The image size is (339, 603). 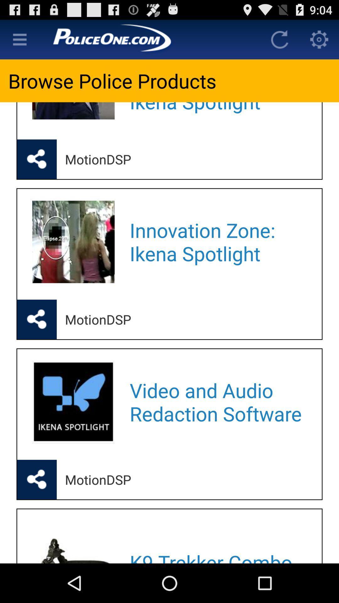 I want to click on share the news article on social media, so click(x=37, y=159).